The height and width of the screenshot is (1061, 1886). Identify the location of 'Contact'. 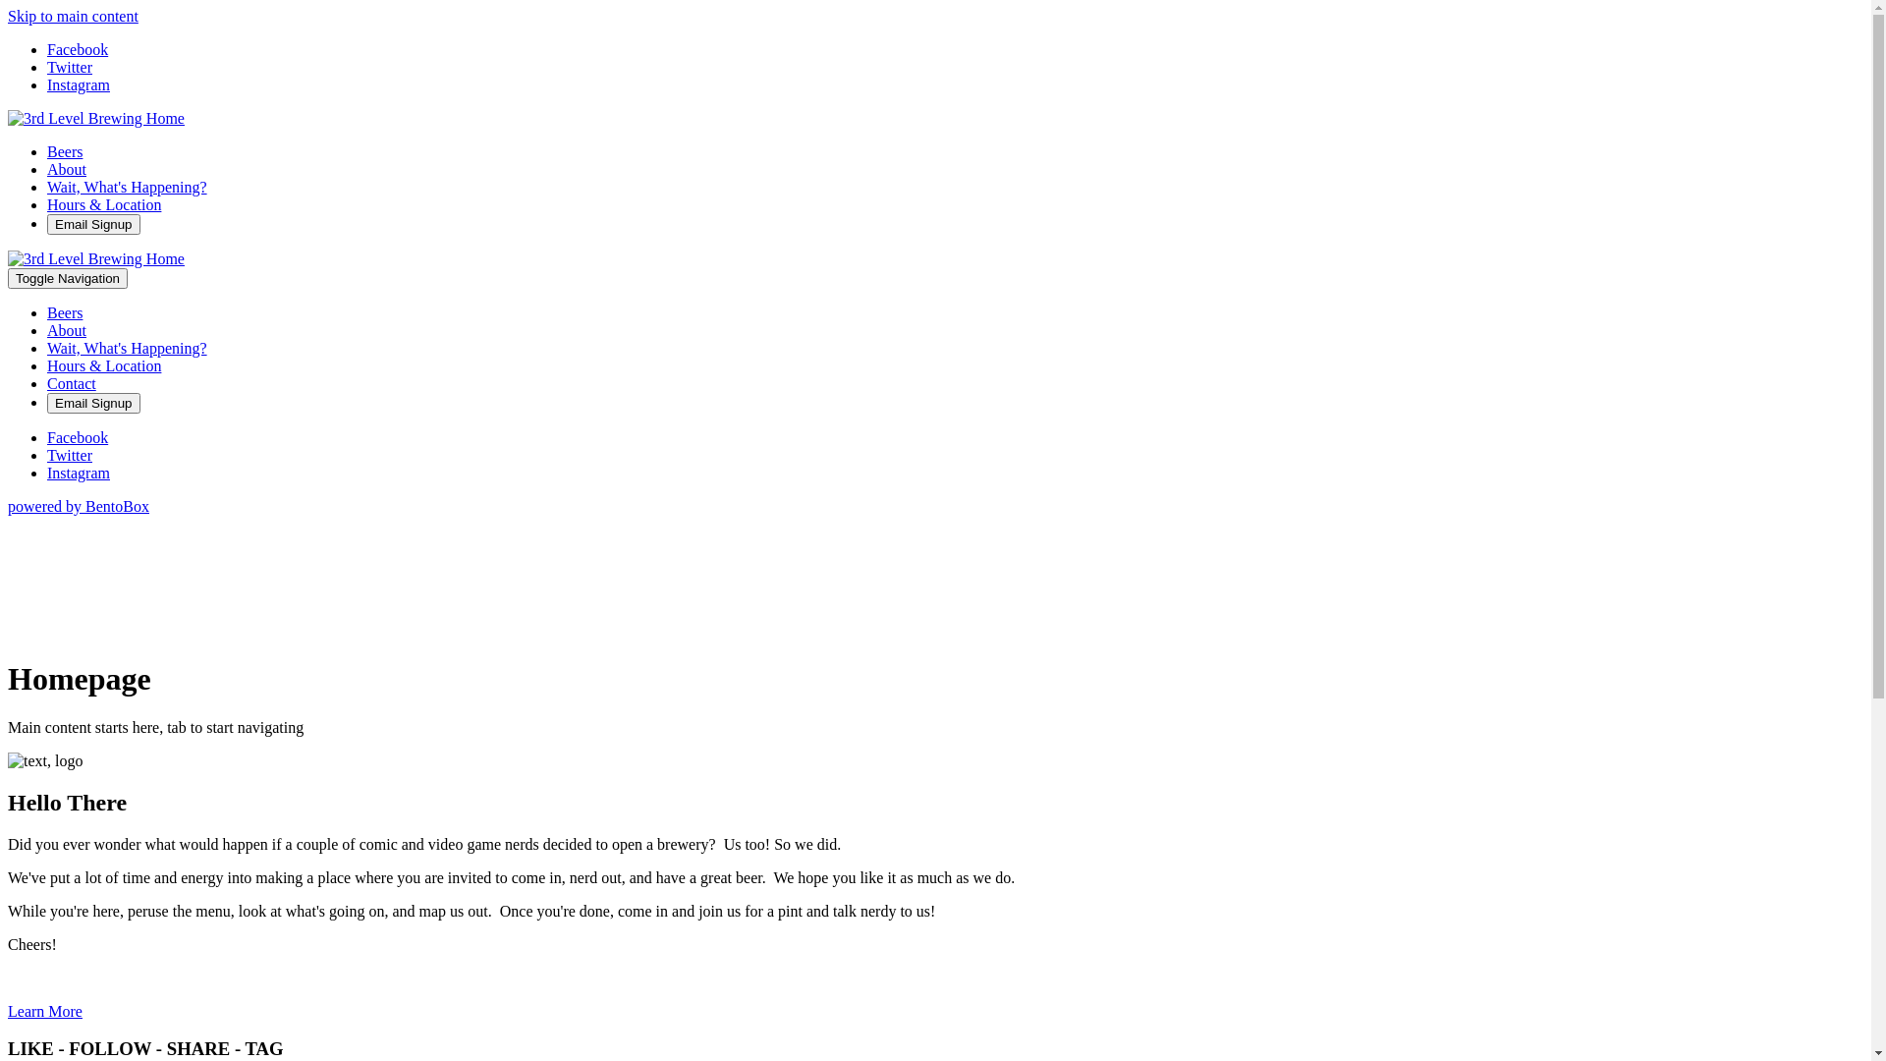
(47, 383).